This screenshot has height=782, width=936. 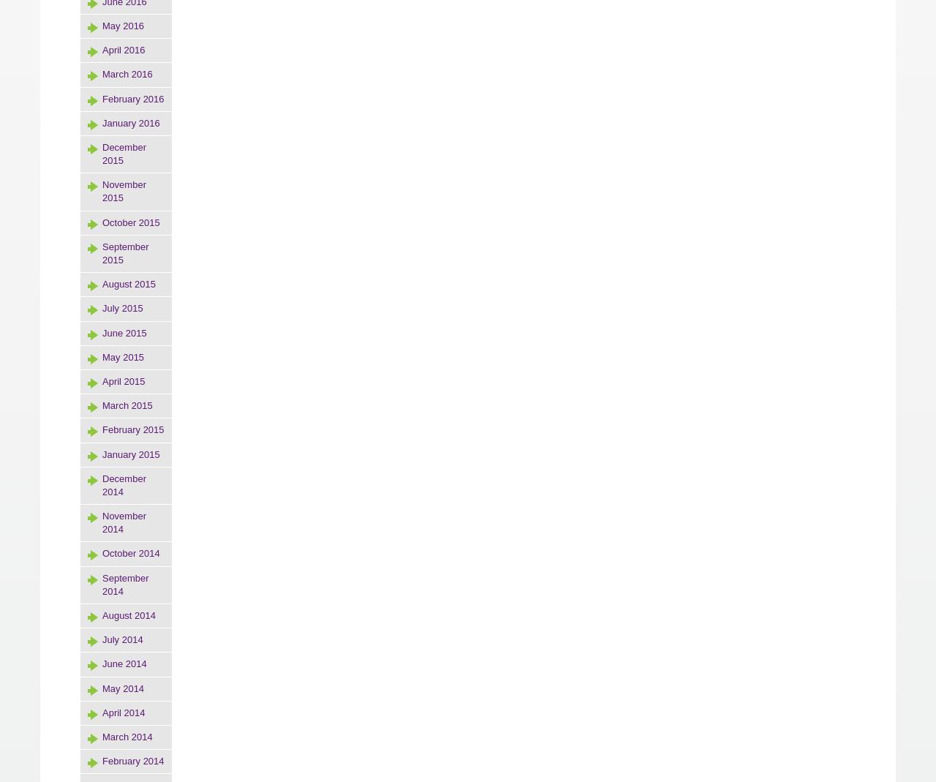 What do you see at coordinates (123, 24) in the screenshot?
I see `'May 2016'` at bounding box center [123, 24].